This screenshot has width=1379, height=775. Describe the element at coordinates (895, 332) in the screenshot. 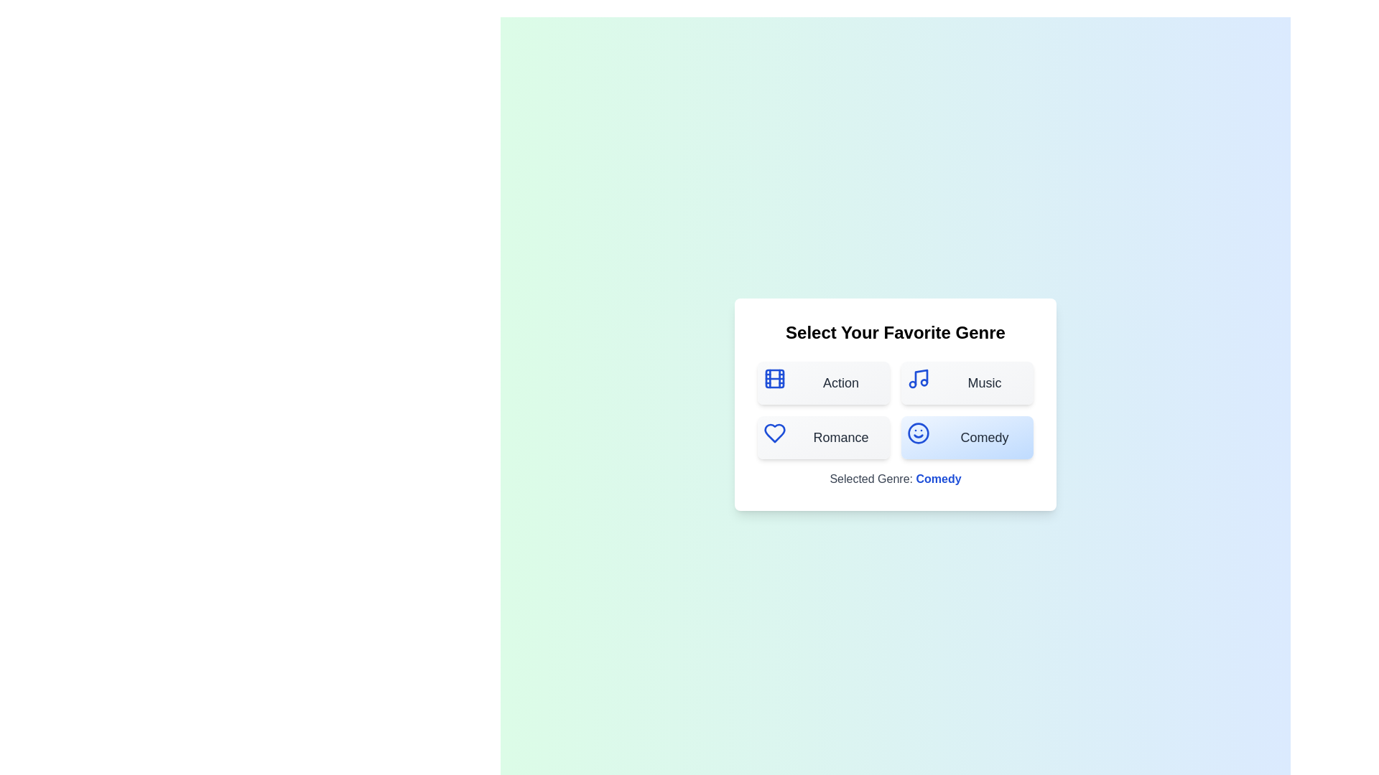

I see `the title text element that prompts the user to select a genre, located at the top of the dialog box layout` at that location.